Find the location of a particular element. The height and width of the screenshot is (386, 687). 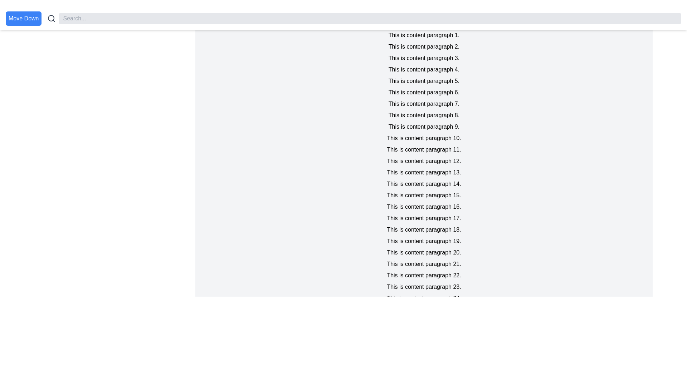

the static text paragraph displaying 'This is content paragraph 2.', which is located between 'This is content paragraph 1.' and 'This is content paragraph 3.' is located at coordinates (424, 47).